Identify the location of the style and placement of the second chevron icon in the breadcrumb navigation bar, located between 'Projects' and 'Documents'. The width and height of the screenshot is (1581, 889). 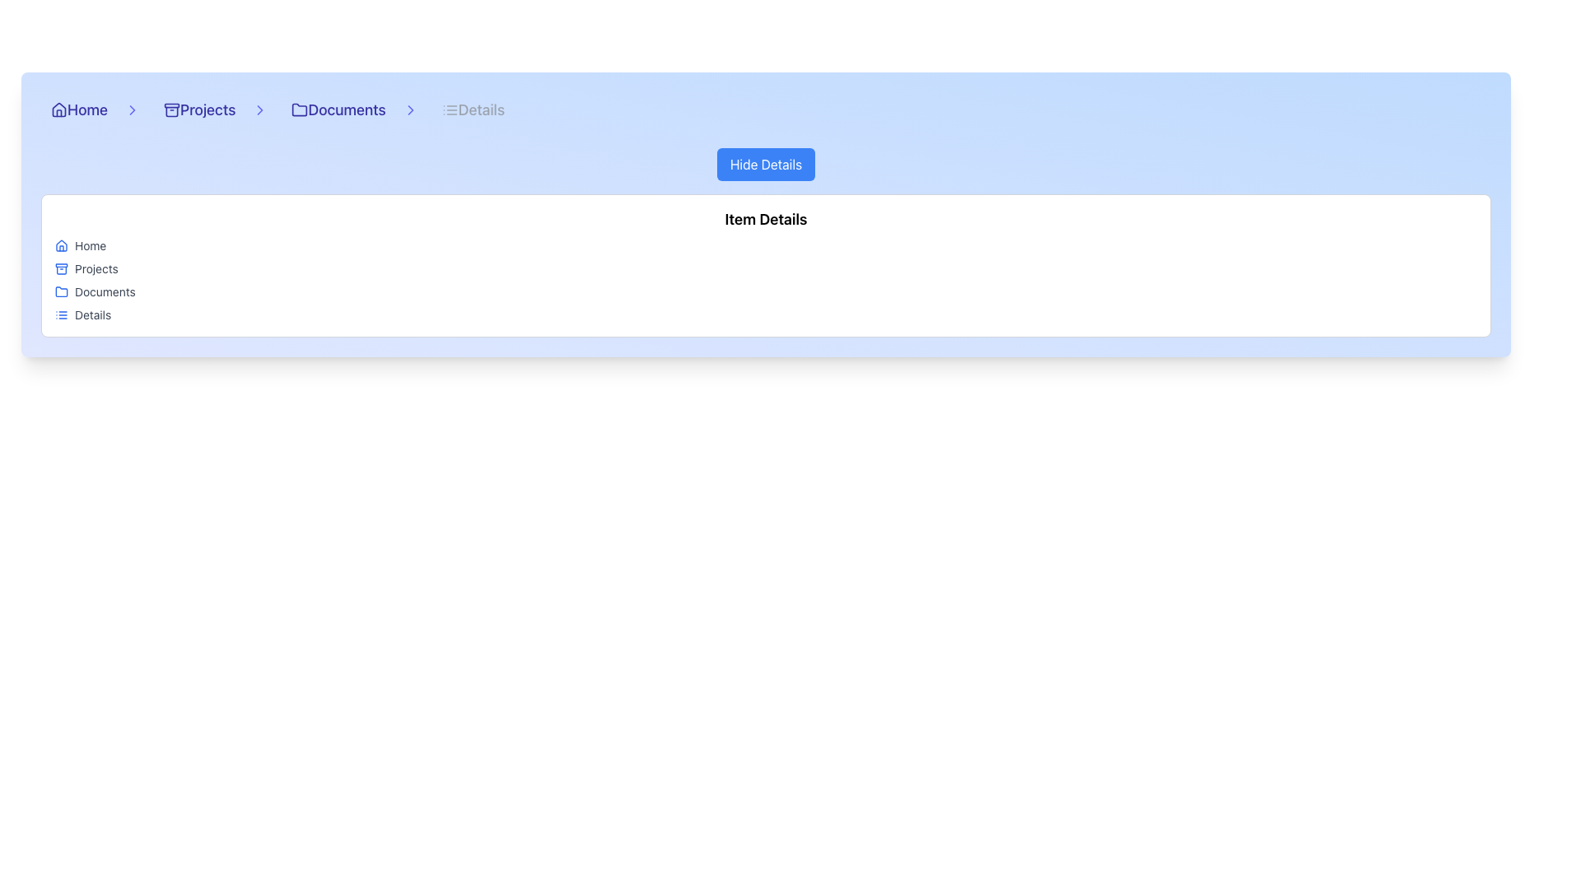
(132, 110).